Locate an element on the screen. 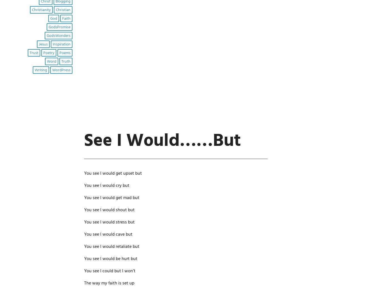 This screenshot has width=372, height=290. 'You see I could but I won’t' is located at coordinates (109, 270).